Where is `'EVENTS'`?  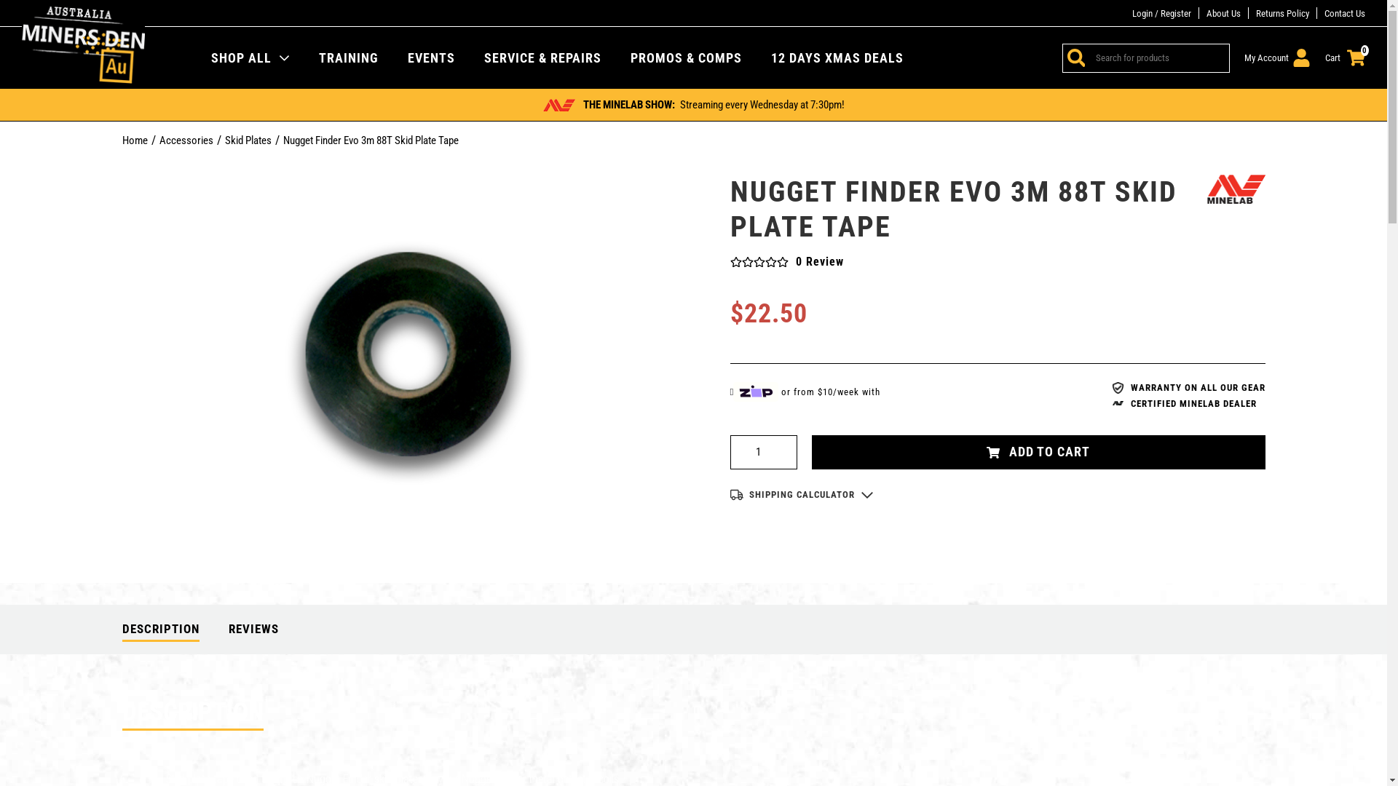
'EVENTS' is located at coordinates (430, 56).